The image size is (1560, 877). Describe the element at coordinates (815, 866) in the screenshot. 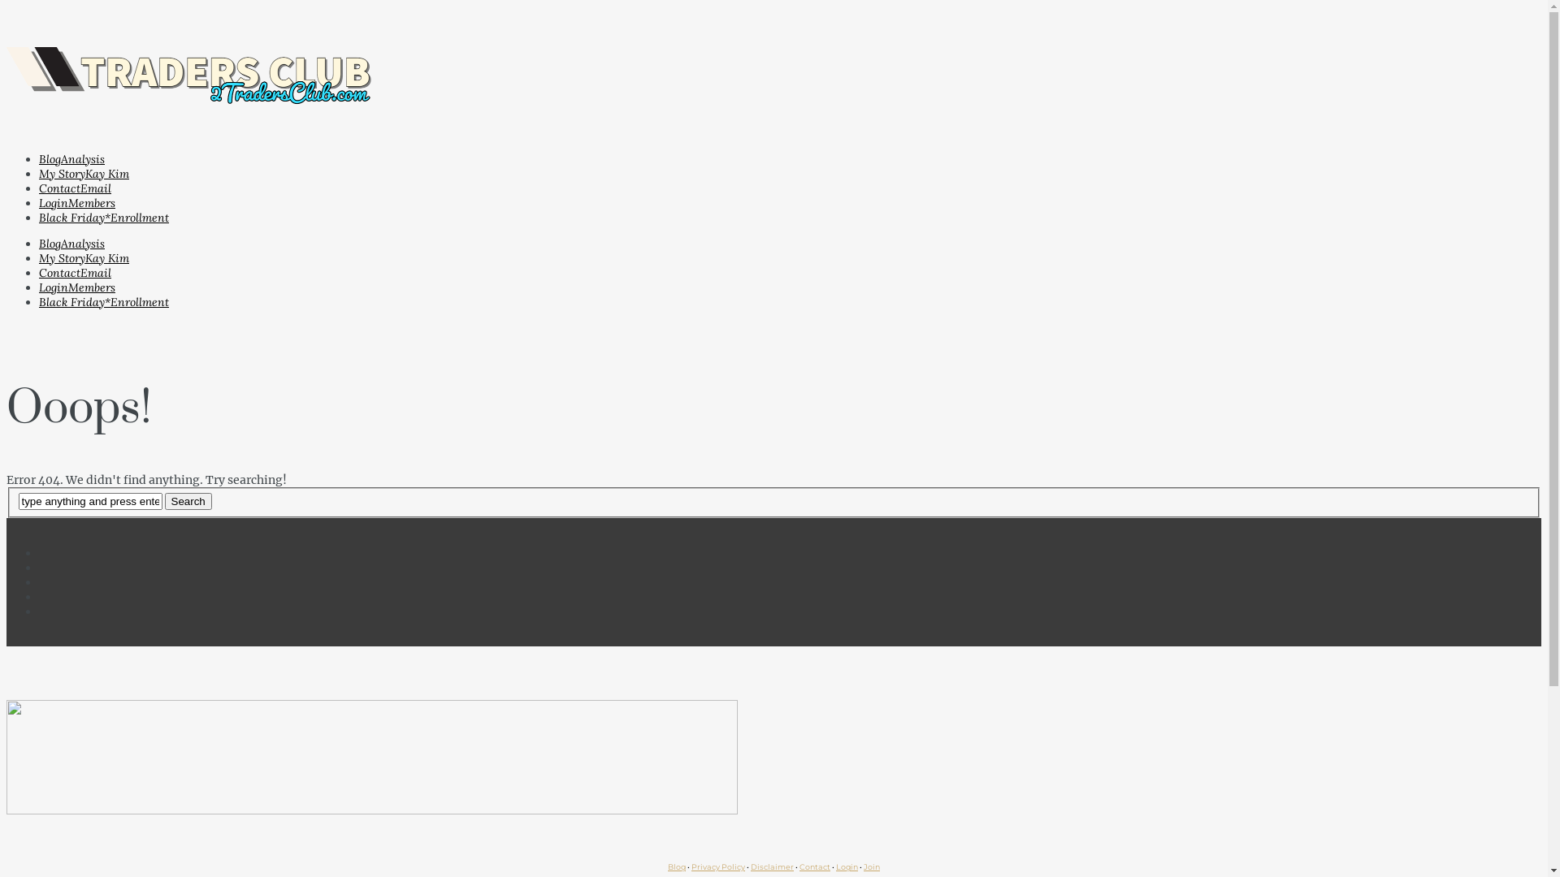

I see `'Contact'` at that location.